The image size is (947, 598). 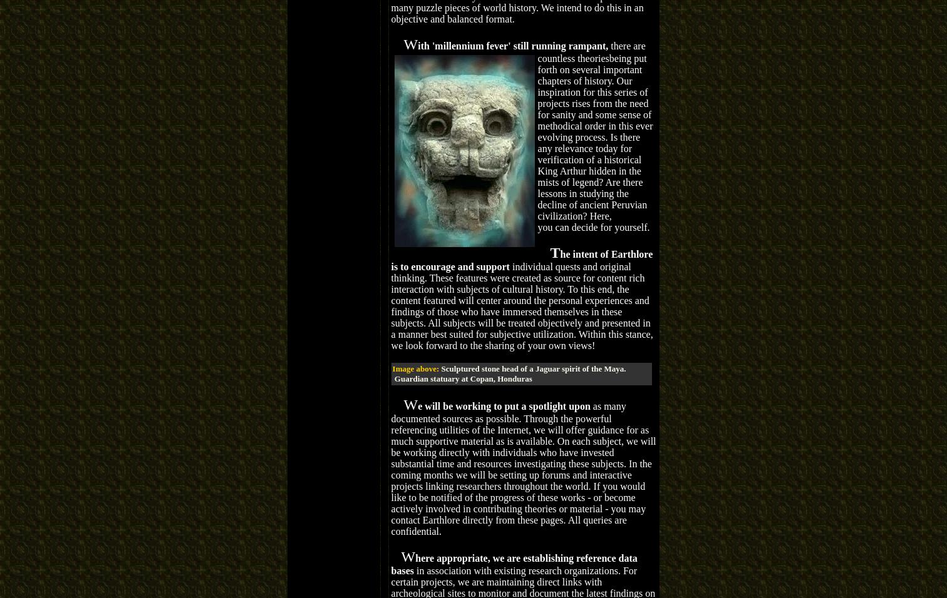 What do you see at coordinates (523, 467) in the screenshot?
I see `'as many documented sources 
        as possible. Through the powerful referencing utilities of the Internet, 
        we will offer guidance for as much supportive material as is available. 
        On each subject, we will be working directly with individuals who 
        have invested substantial time and resources investigating these subjects. 
        In the coming months we will be setting up forums and interactive 
        projects linking researchers throughout the world. If you would like 
        to be notified of the progress of these works - or become actively 
        involved in contributing theories or material - you may contact Earthlore 
        directly from these pages. All queries are confidential.'` at bounding box center [523, 467].